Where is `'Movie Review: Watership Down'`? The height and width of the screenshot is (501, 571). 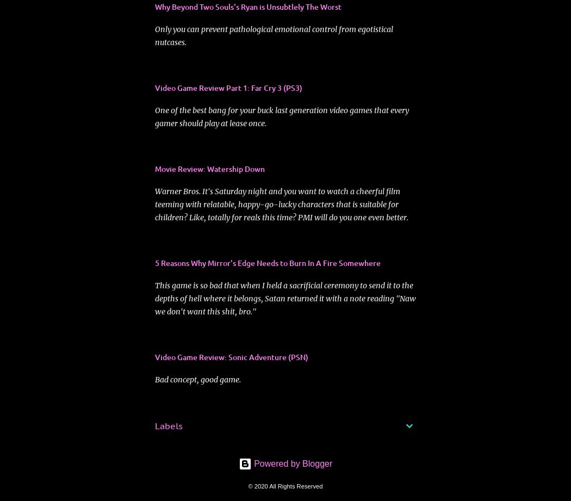
'Movie Review: Watership Down' is located at coordinates (209, 168).